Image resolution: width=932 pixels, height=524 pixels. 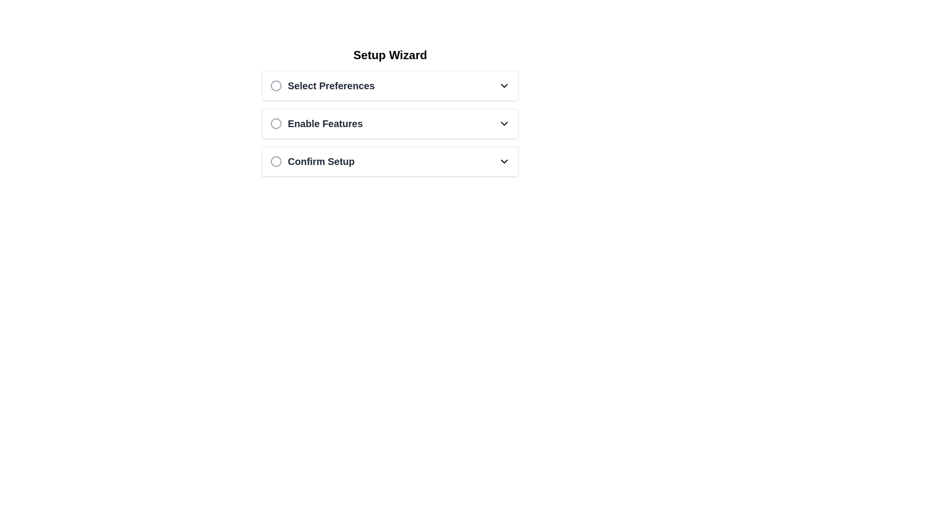 I want to click on the 'Confirm Setup' dropdown trigger, which is the third item in a vertically stacked list of options, so click(x=390, y=161).